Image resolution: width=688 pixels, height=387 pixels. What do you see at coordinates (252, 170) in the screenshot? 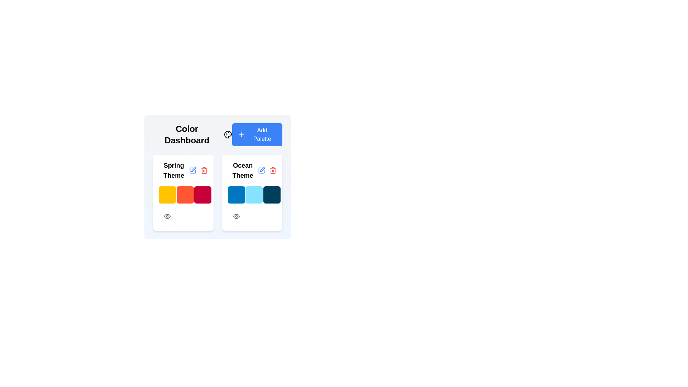
I see `the text label that serves as the title for the 'Ocean Theme' color palette, located in the second card of theme palettes towards the center-right of the interface` at bounding box center [252, 170].